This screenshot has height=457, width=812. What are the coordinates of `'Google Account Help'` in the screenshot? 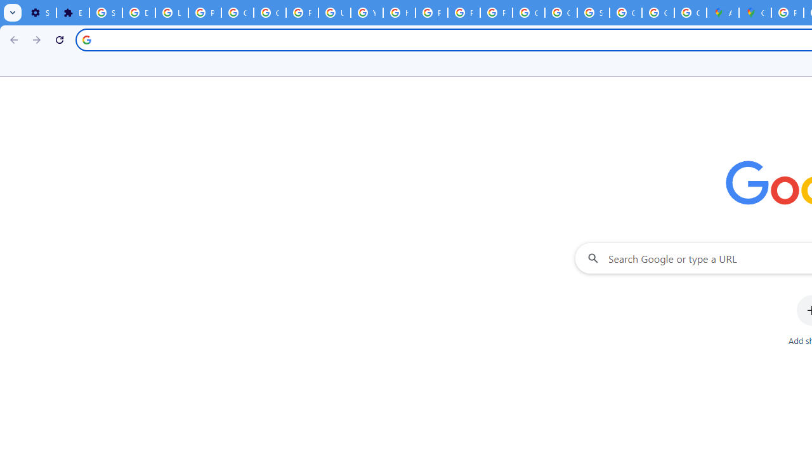 It's located at (238, 13).